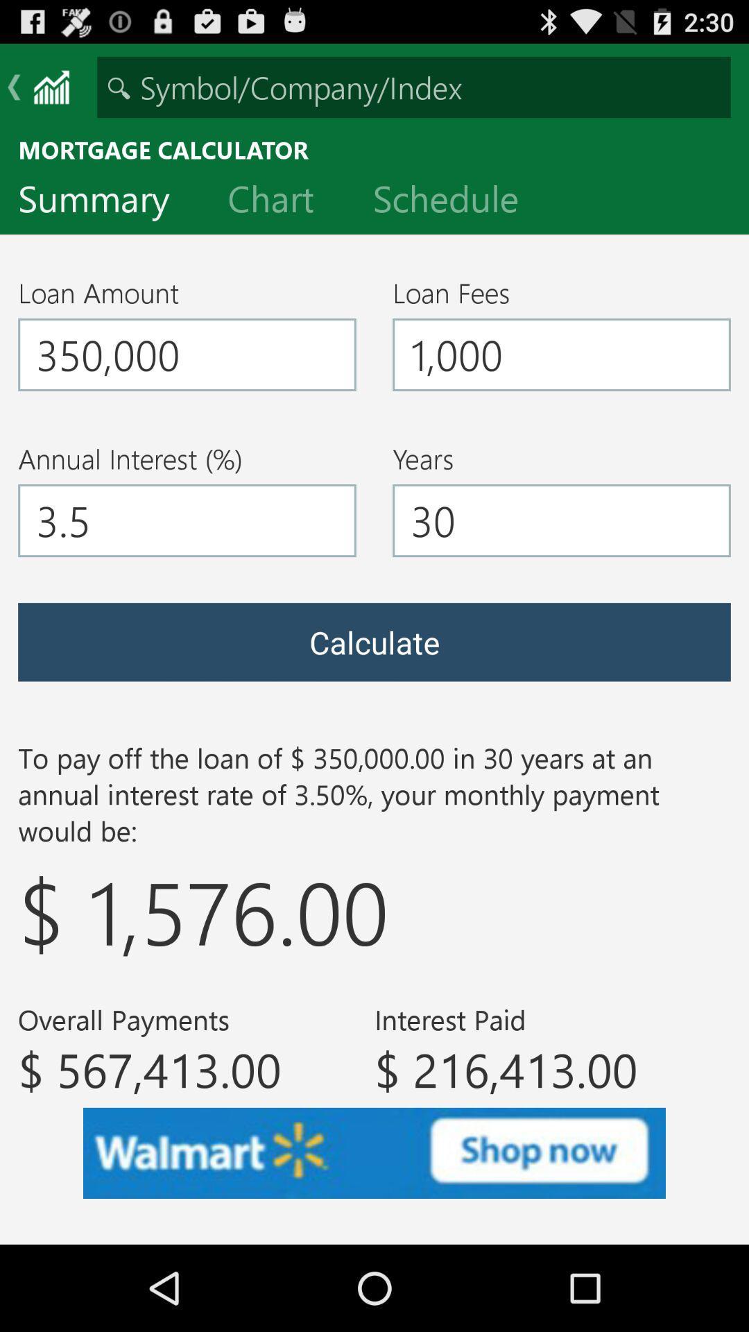 The width and height of the screenshot is (749, 1332). Describe the element at coordinates (281, 201) in the screenshot. I see `the item below the mortgage calculator` at that location.